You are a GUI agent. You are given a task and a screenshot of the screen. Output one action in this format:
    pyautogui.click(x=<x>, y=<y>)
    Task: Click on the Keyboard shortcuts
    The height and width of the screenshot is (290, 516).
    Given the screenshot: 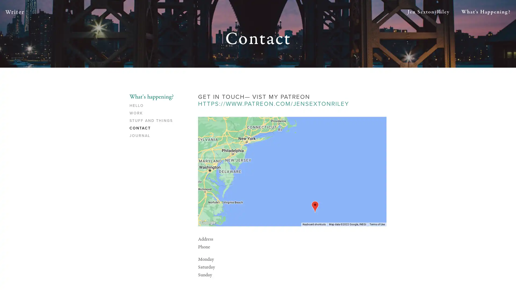 What is the action you would take?
    pyautogui.click(x=314, y=224)
    